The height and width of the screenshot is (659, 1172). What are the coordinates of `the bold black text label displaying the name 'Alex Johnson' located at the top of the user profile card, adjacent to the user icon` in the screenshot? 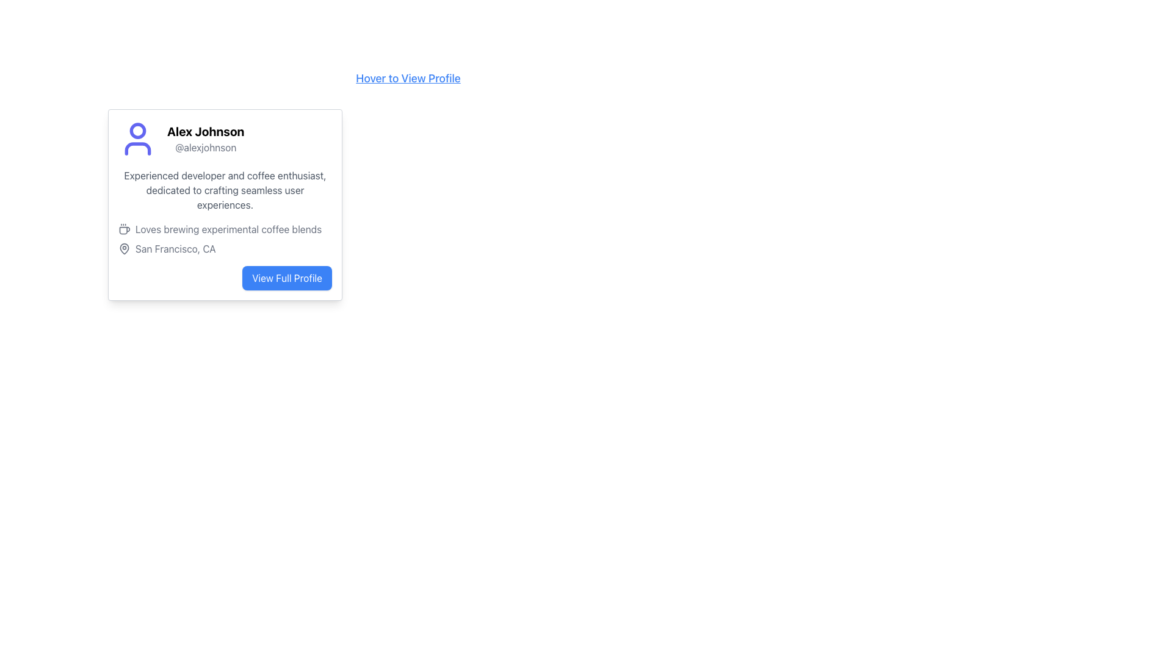 It's located at (206, 132).